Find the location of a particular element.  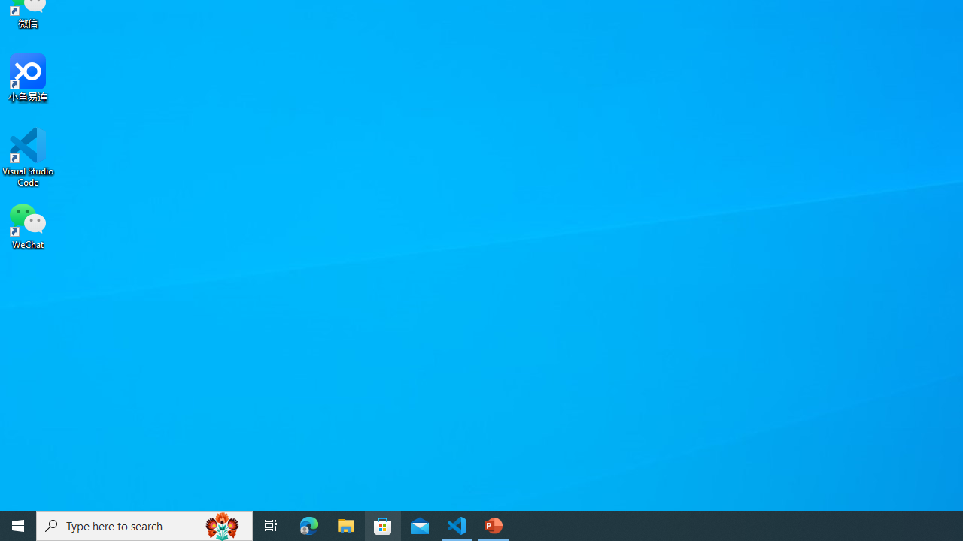

'Visual Studio Code' is located at coordinates (28, 157).